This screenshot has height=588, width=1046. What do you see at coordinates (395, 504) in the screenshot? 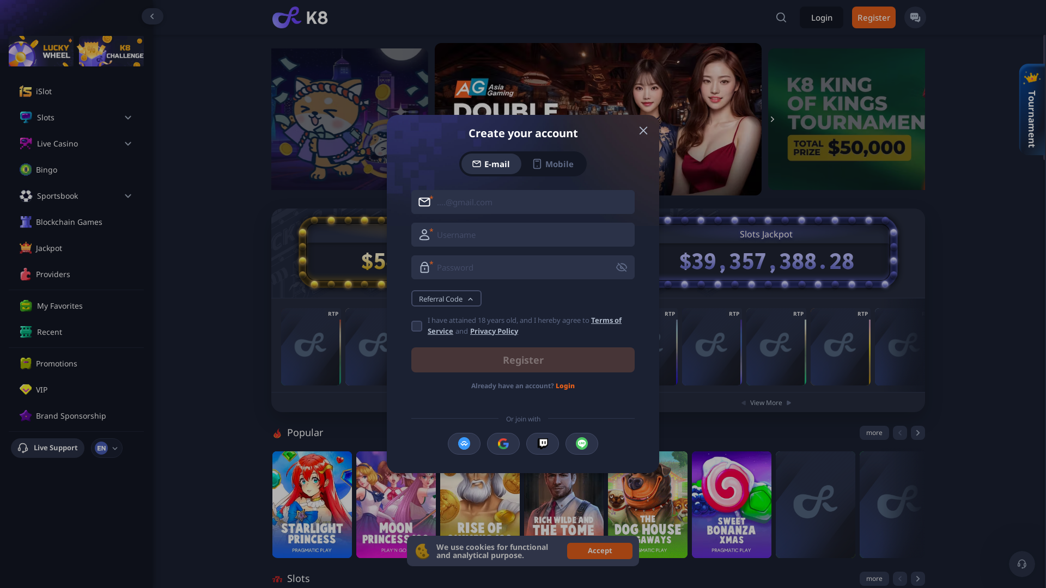
I see `'Moon Princess 100'` at bounding box center [395, 504].